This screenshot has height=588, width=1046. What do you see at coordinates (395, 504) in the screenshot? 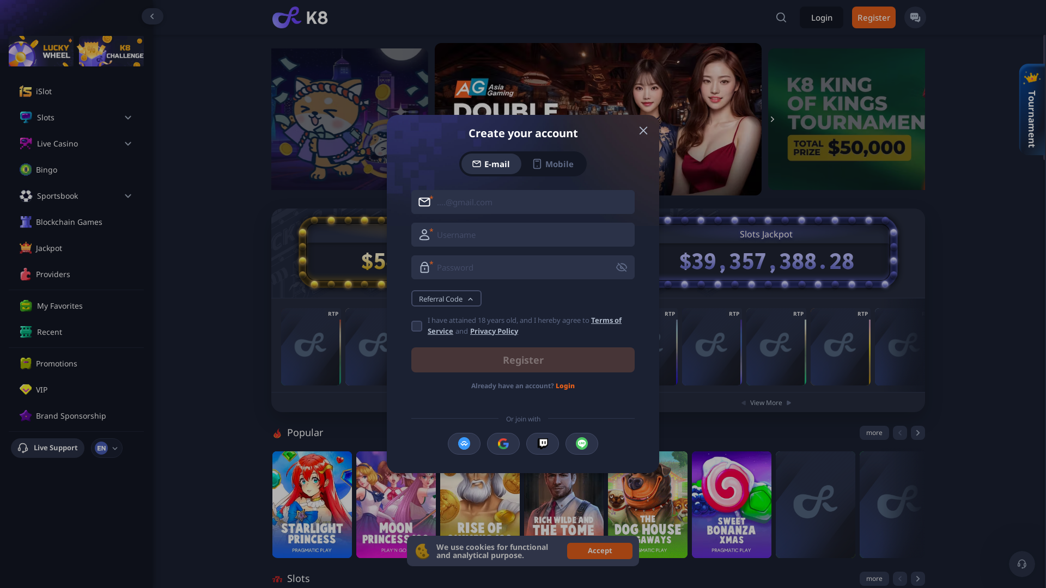
I see `'Moon Princess 100'` at bounding box center [395, 504].